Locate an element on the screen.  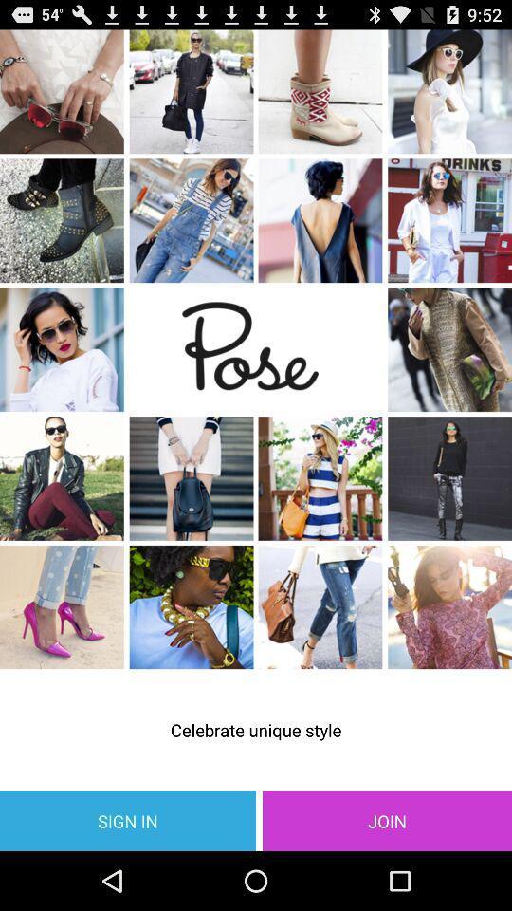
the button next to the sign in is located at coordinates (386, 820).